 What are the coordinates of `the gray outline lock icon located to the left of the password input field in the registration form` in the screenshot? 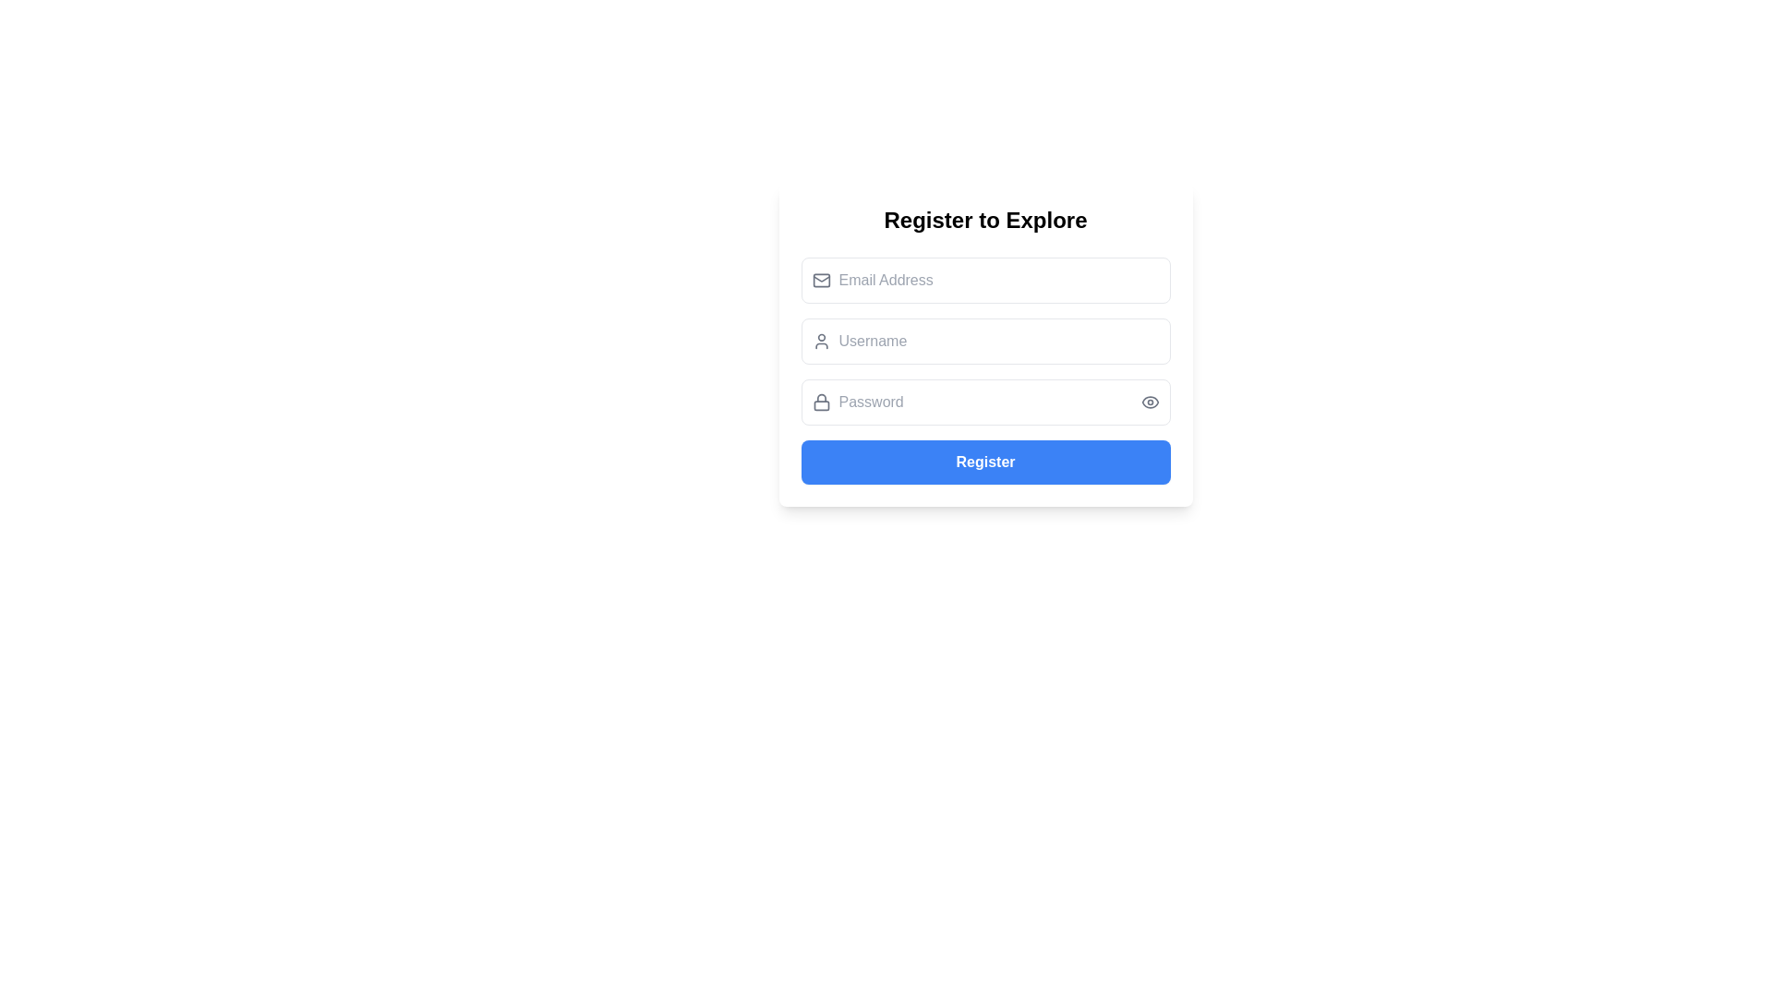 It's located at (820, 401).